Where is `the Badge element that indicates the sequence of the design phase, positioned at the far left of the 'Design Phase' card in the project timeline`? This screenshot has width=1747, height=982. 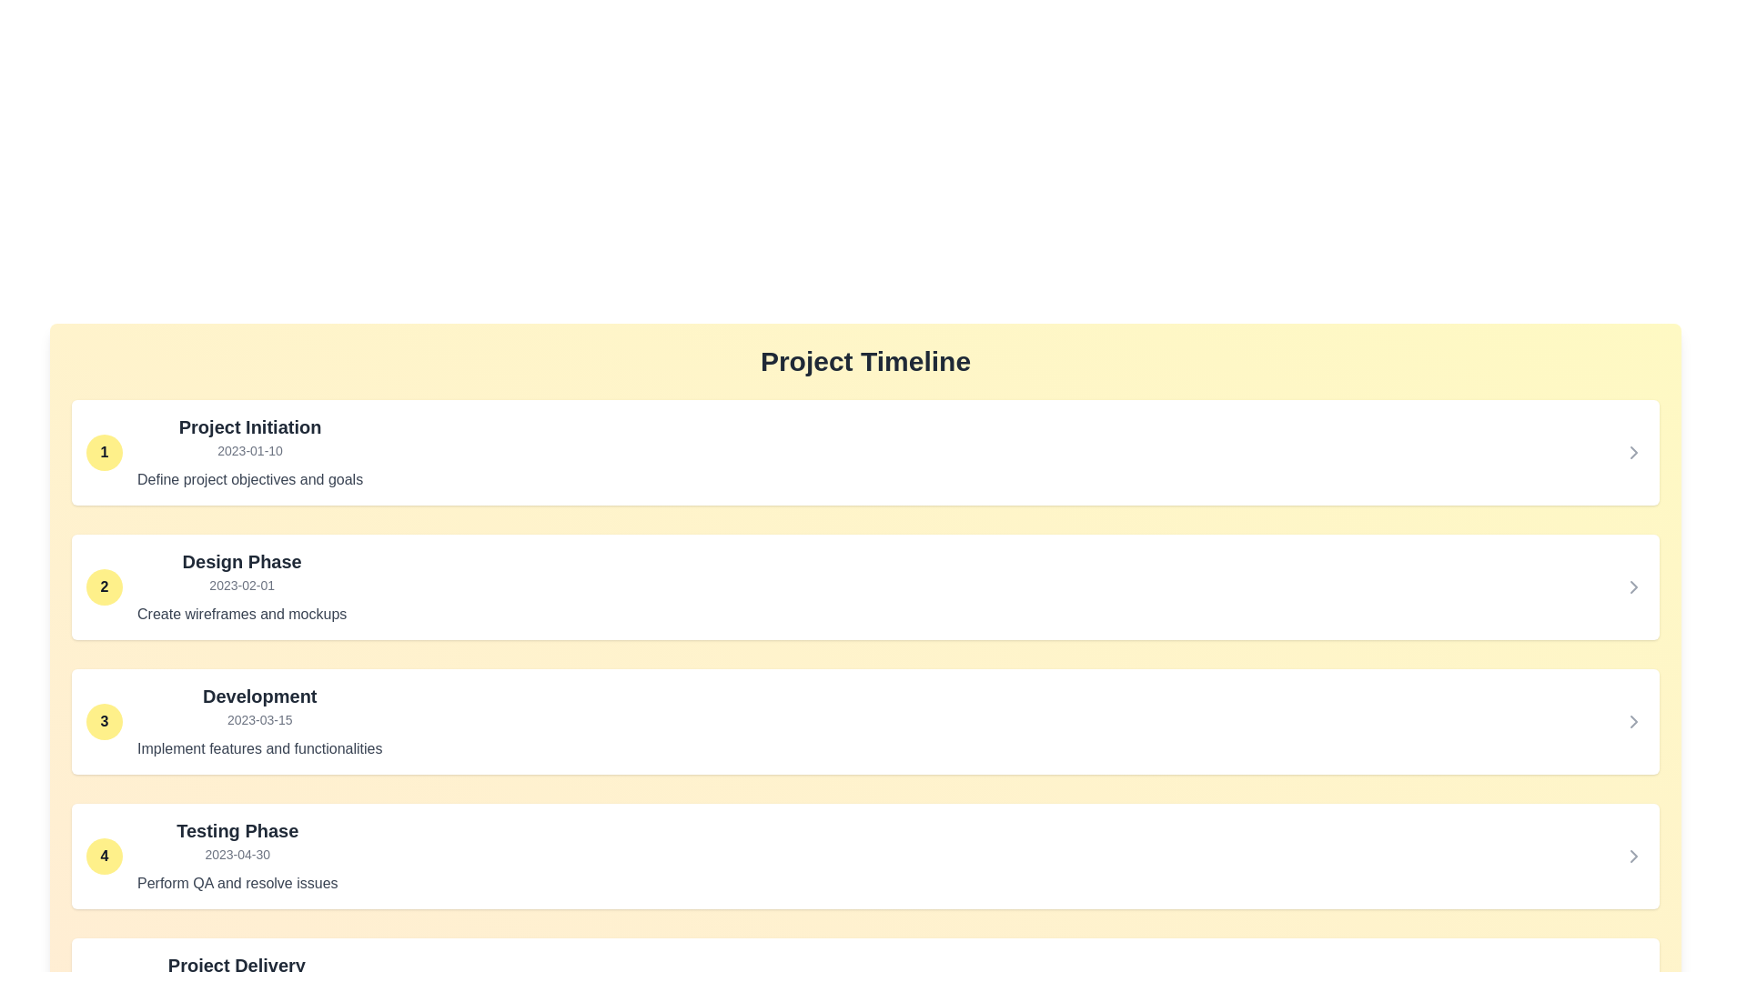
the Badge element that indicates the sequence of the design phase, positioned at the far left of the 'Design Phase' card in the project timeline is located at coordinates (104, 586).